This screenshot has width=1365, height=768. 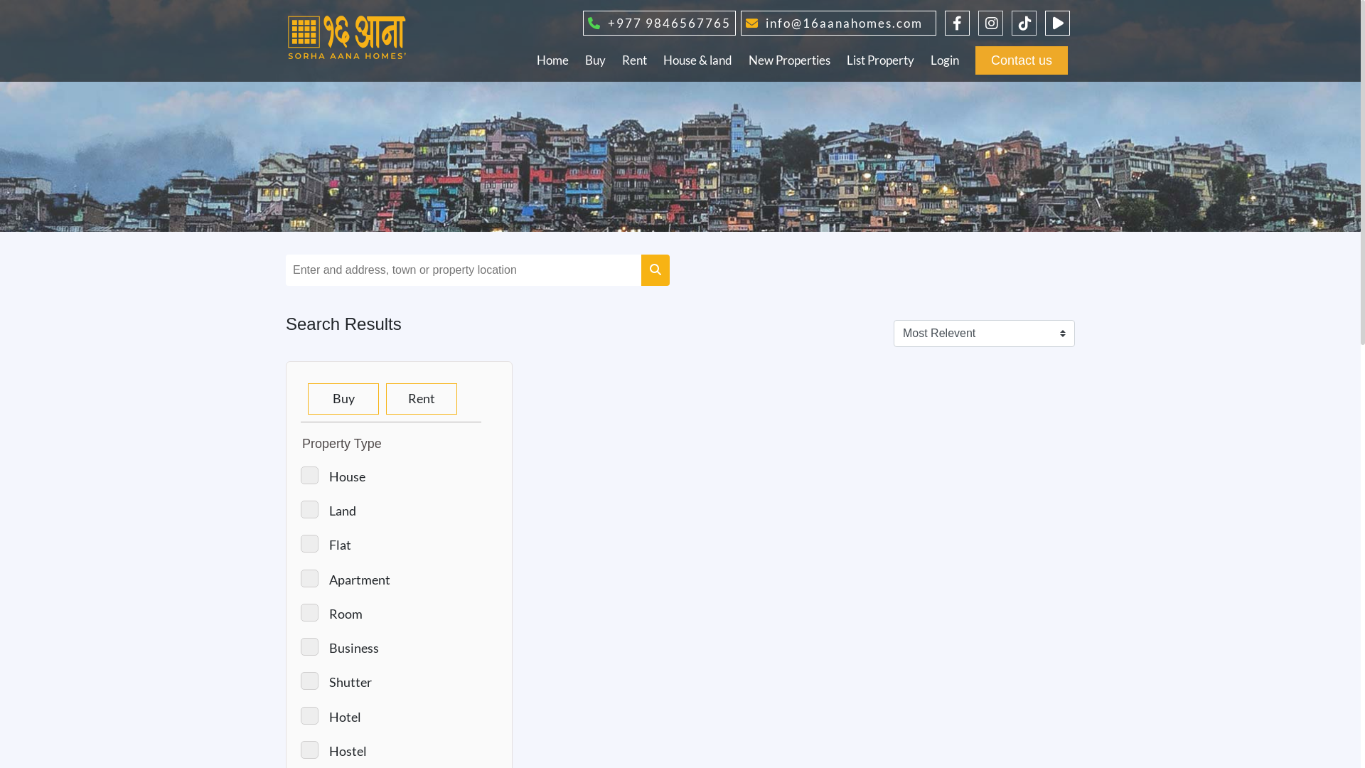 What do you see at coordinates (945, 59) in the screenshot?
I see `'Login'` at bounding box center [945, 59].